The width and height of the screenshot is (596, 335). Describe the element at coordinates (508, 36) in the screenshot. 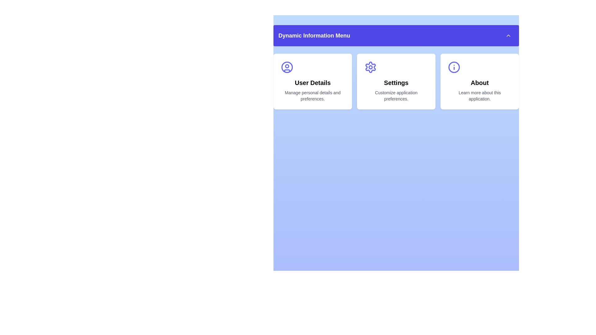

I see `menu expansion button to toggle its state` at that location.